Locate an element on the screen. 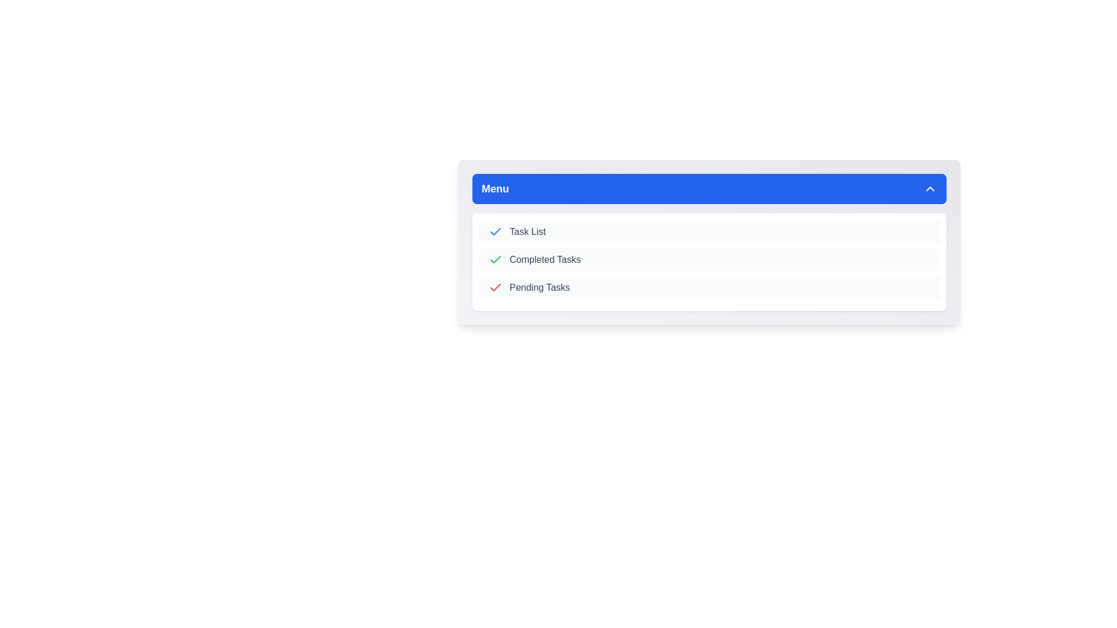  the state of the red checkmark icon located in the third row under the 'Menu' header, adjacent to the 'Pending Tasks' label is located at coordinates (495, 287).